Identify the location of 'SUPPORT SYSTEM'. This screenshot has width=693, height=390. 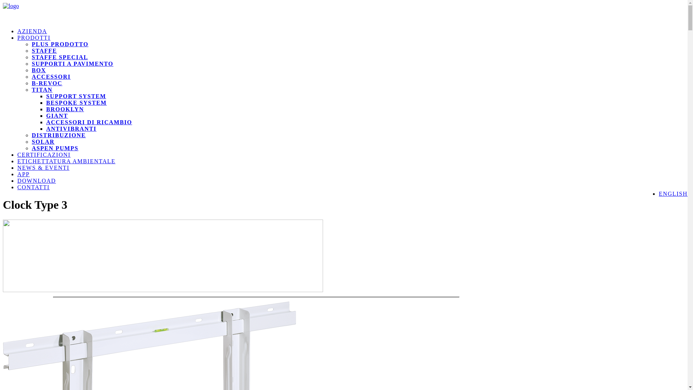
(46, 96).